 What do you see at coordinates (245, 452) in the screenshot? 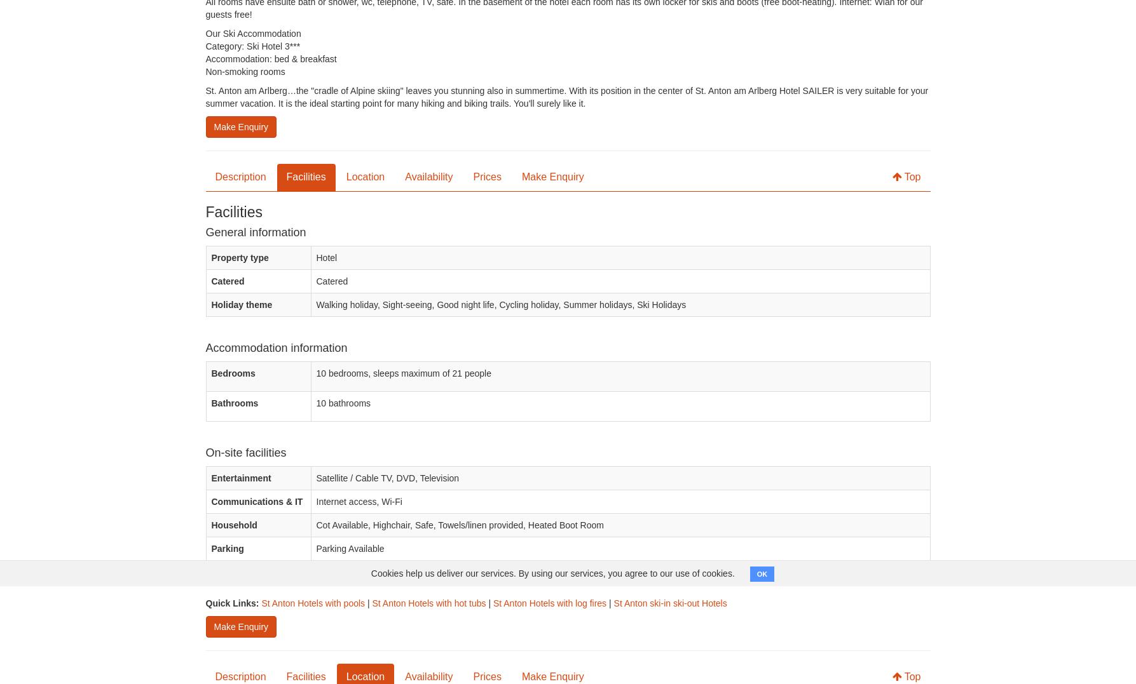
I see `'On-site facilities'` at bounding box center [245, 452].